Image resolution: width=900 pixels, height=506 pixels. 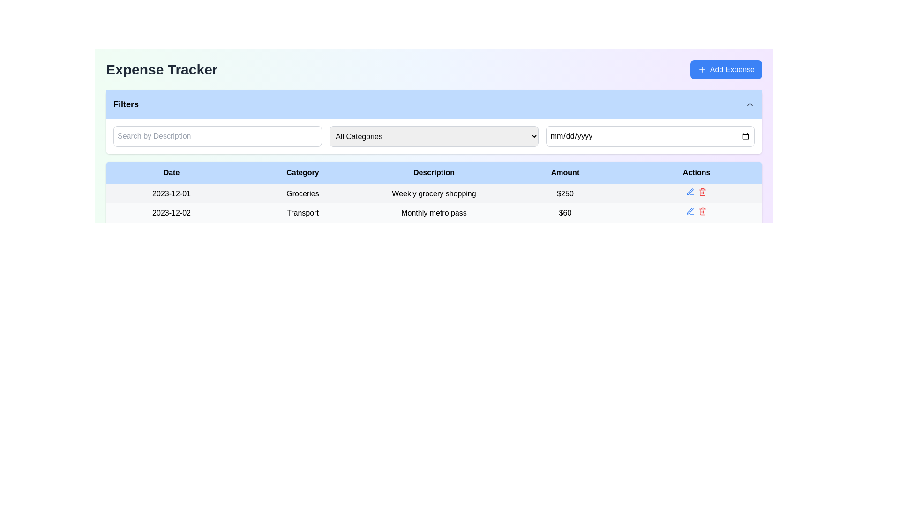 What do you see at coordinates (690, 191) in the screenshot?
I see `the blue-colored pen icon button in the 'Actions' column of the second row of the expense details table` at bounding box center [690, 191].